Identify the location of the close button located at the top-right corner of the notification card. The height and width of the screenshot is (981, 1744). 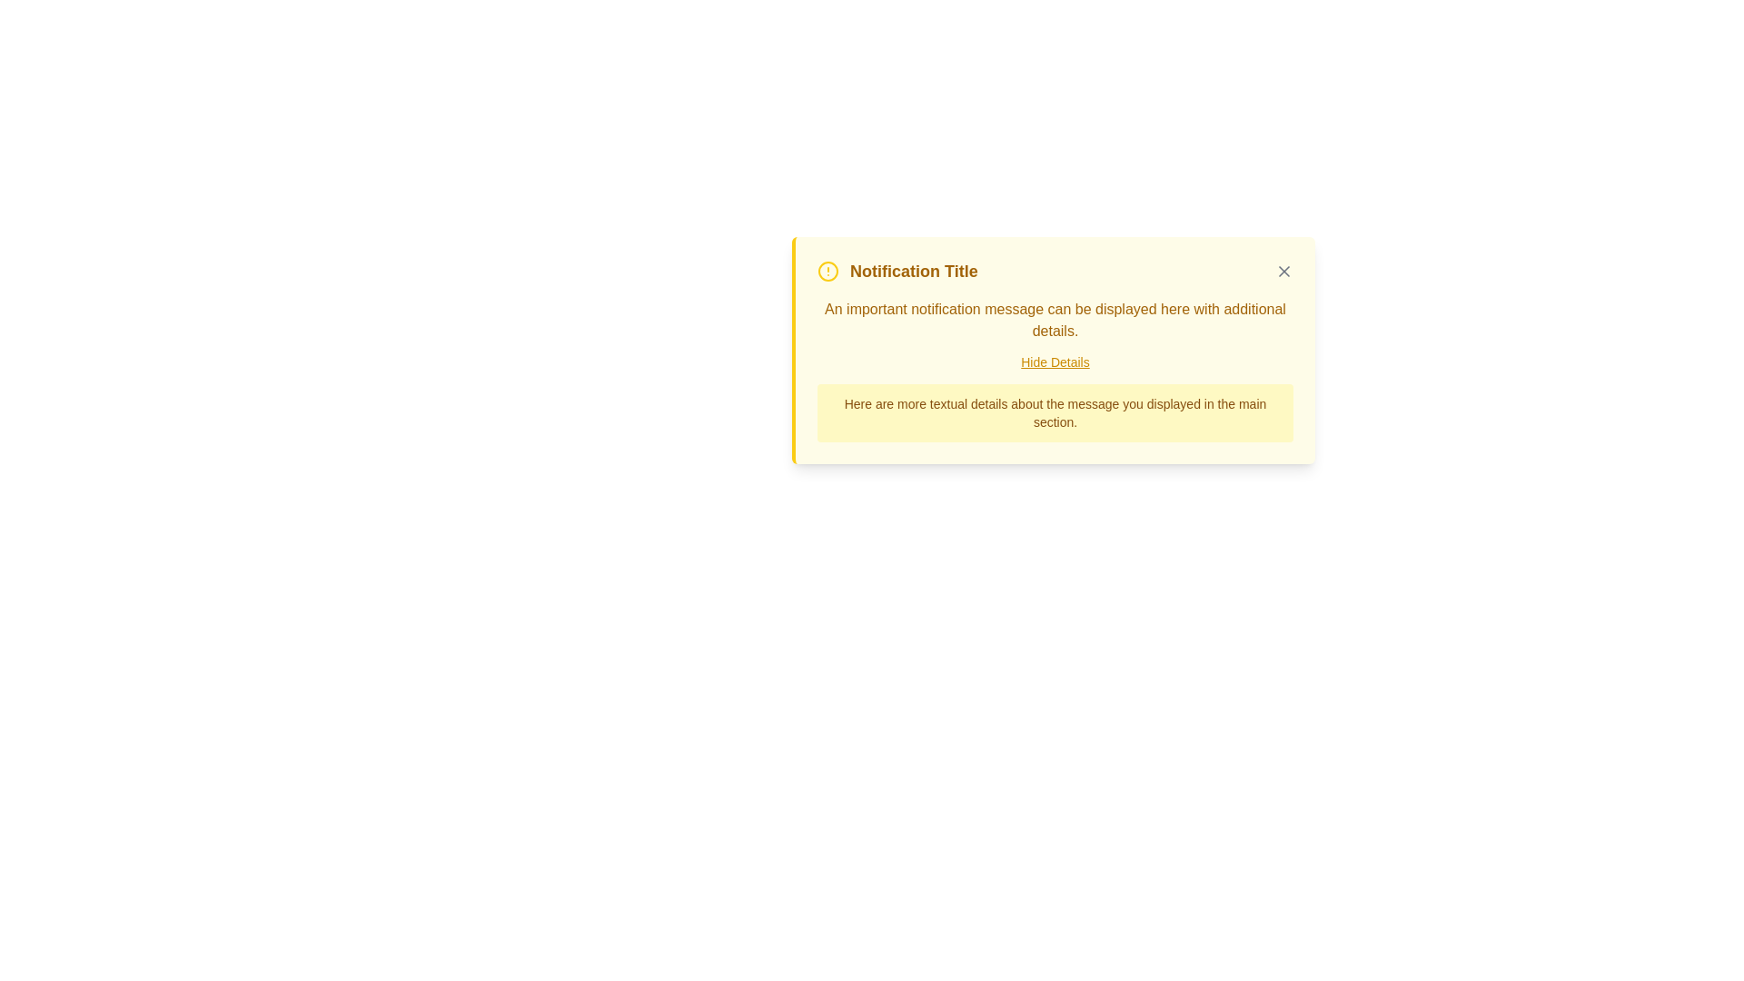
(1283, 272).